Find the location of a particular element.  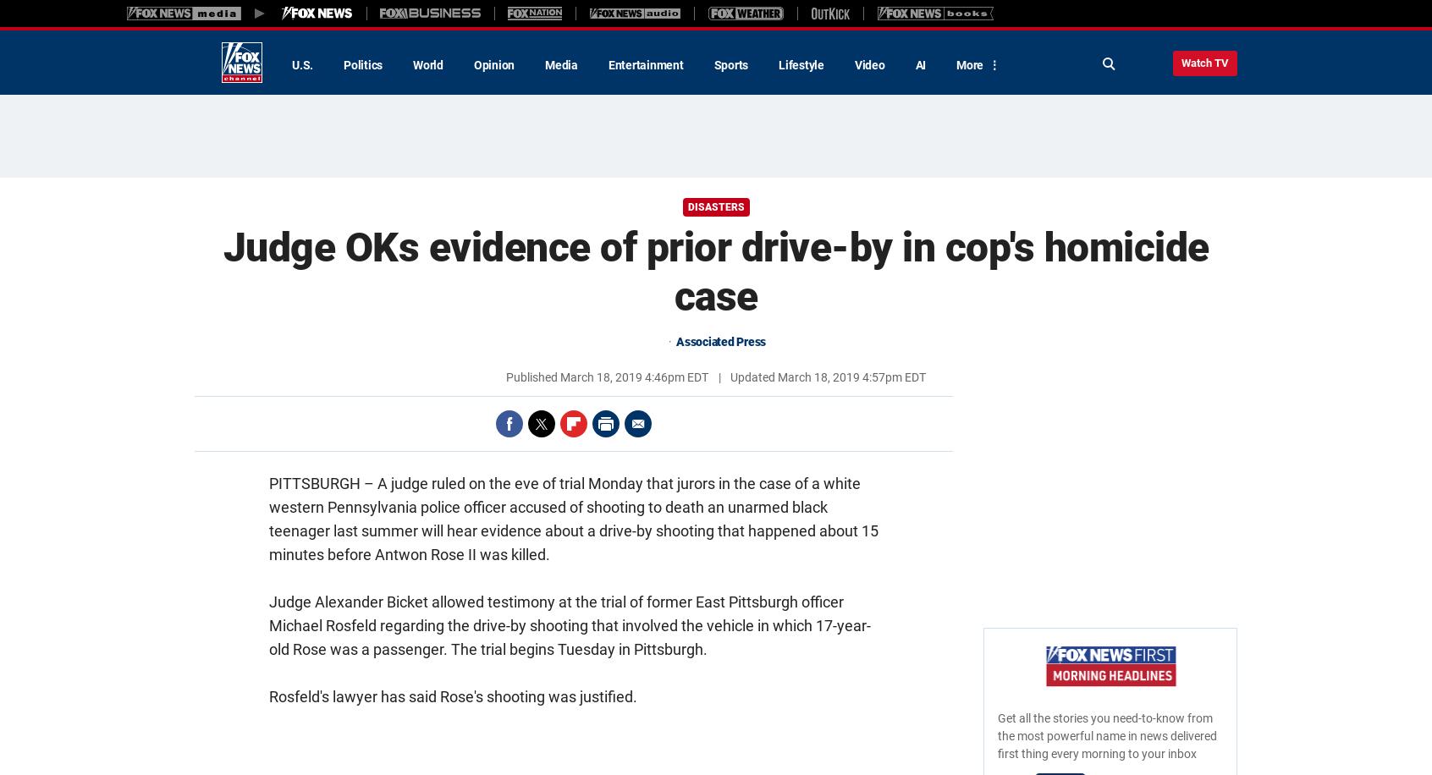

'Watch TV' is located at coordinates (1203, 62).